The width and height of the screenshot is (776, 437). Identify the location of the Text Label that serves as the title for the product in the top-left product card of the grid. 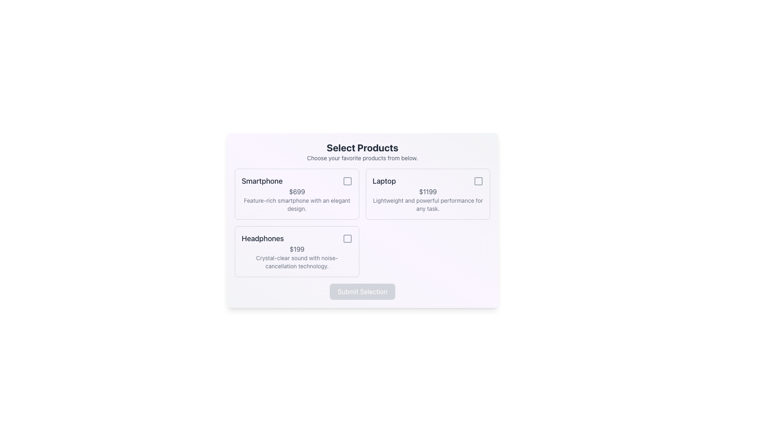
(262, 180).